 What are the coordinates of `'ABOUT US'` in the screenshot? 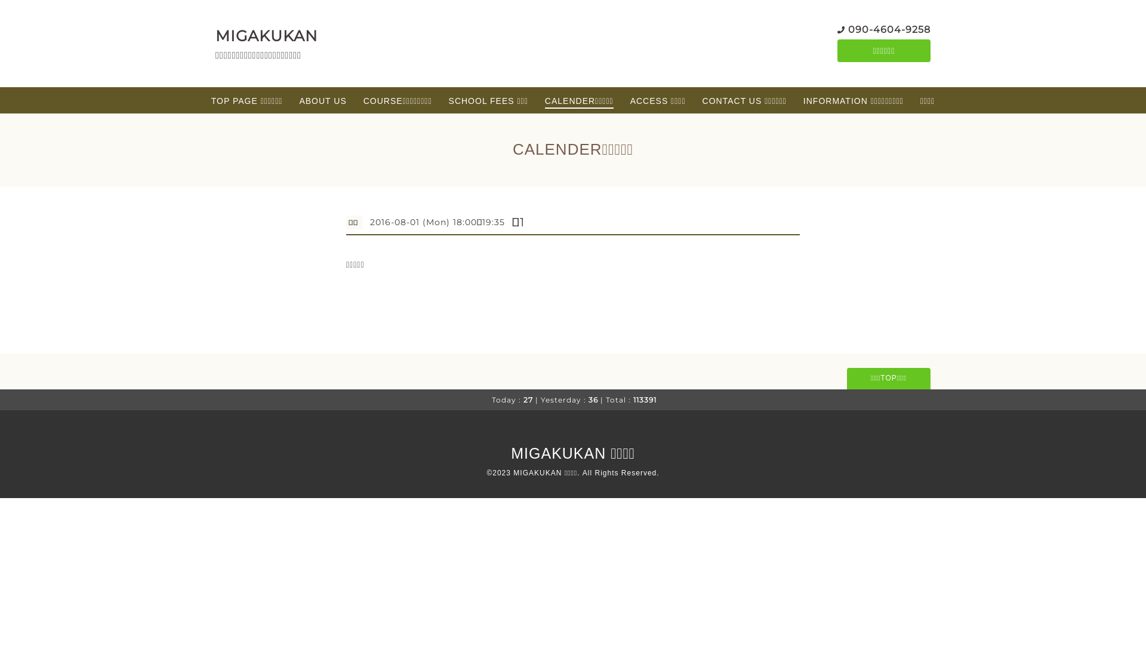 It's located at (298, 100).